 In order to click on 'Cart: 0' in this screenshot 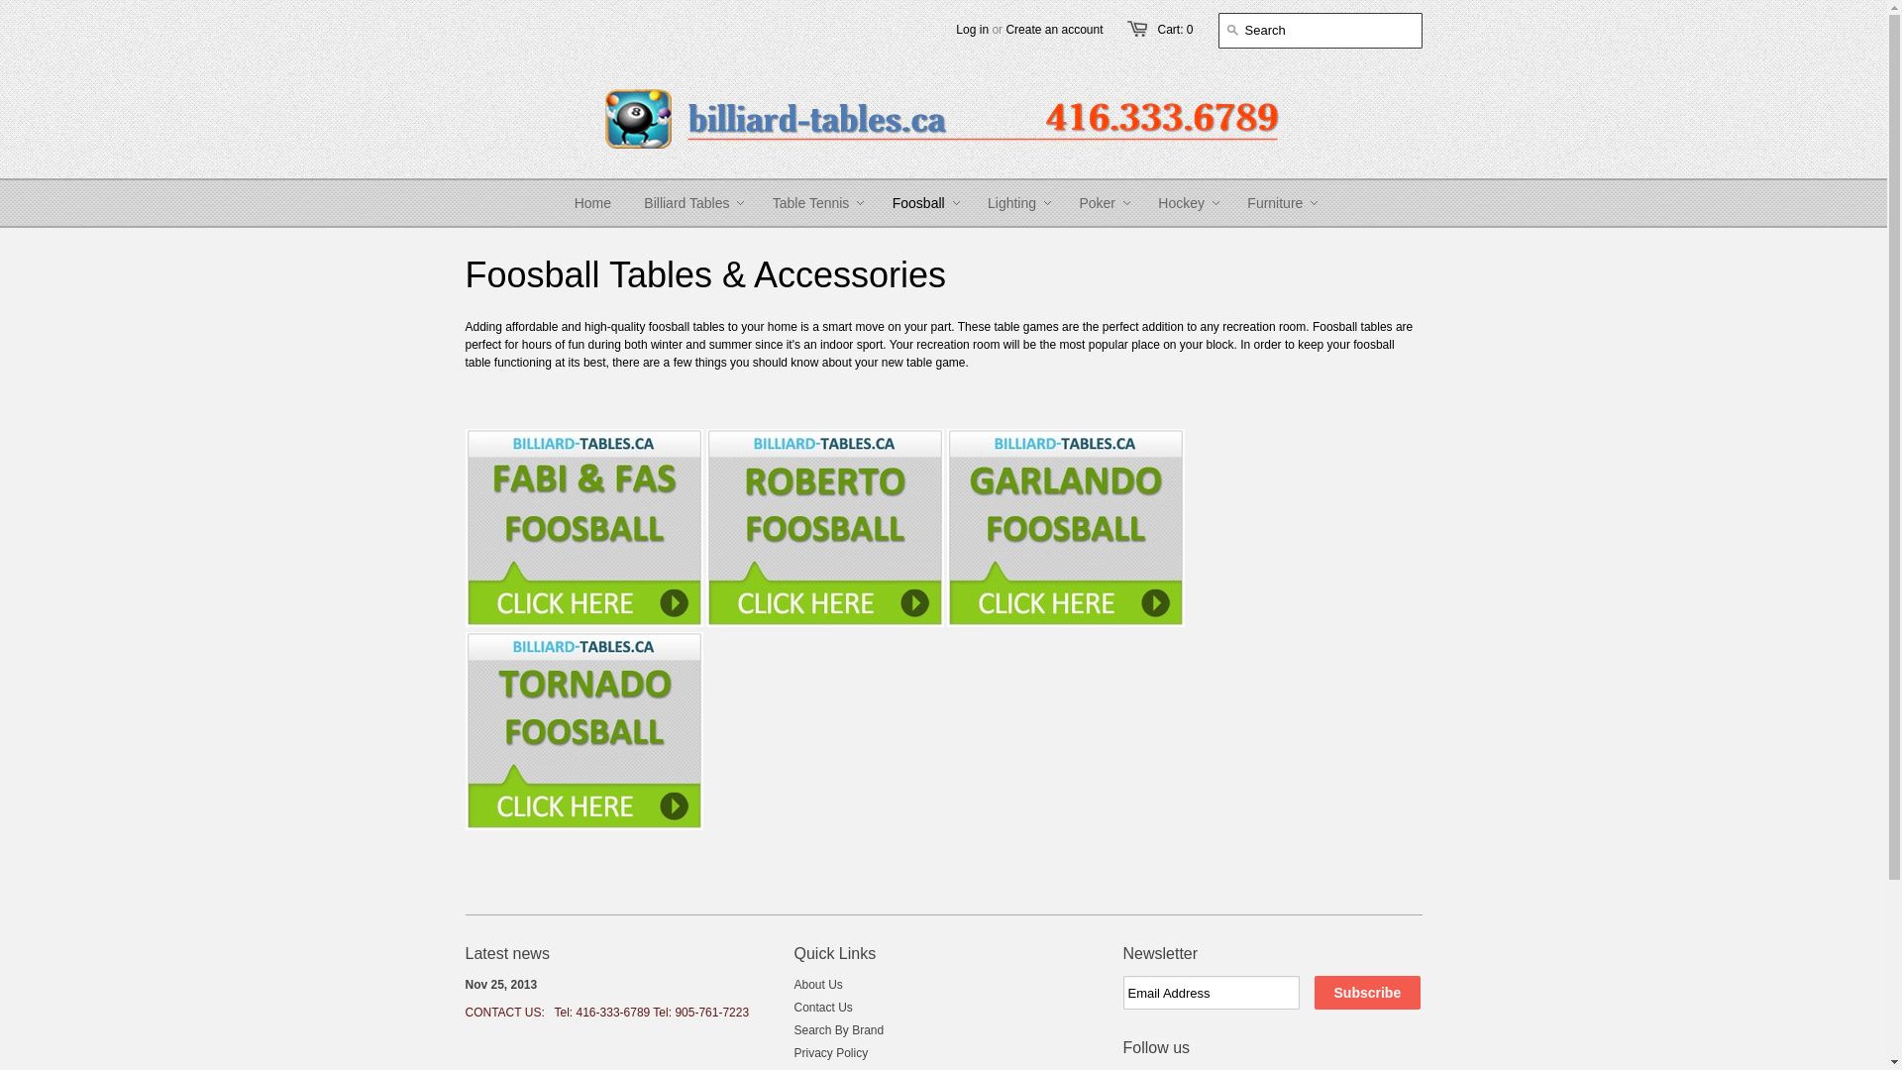, I will do `click(1156, 30)`.